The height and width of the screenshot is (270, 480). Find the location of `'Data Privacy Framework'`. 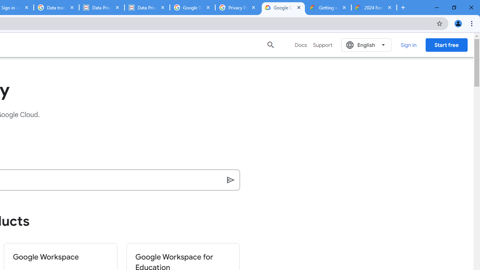

'Data Privacy Framework' is located at coordinates (147, 7).